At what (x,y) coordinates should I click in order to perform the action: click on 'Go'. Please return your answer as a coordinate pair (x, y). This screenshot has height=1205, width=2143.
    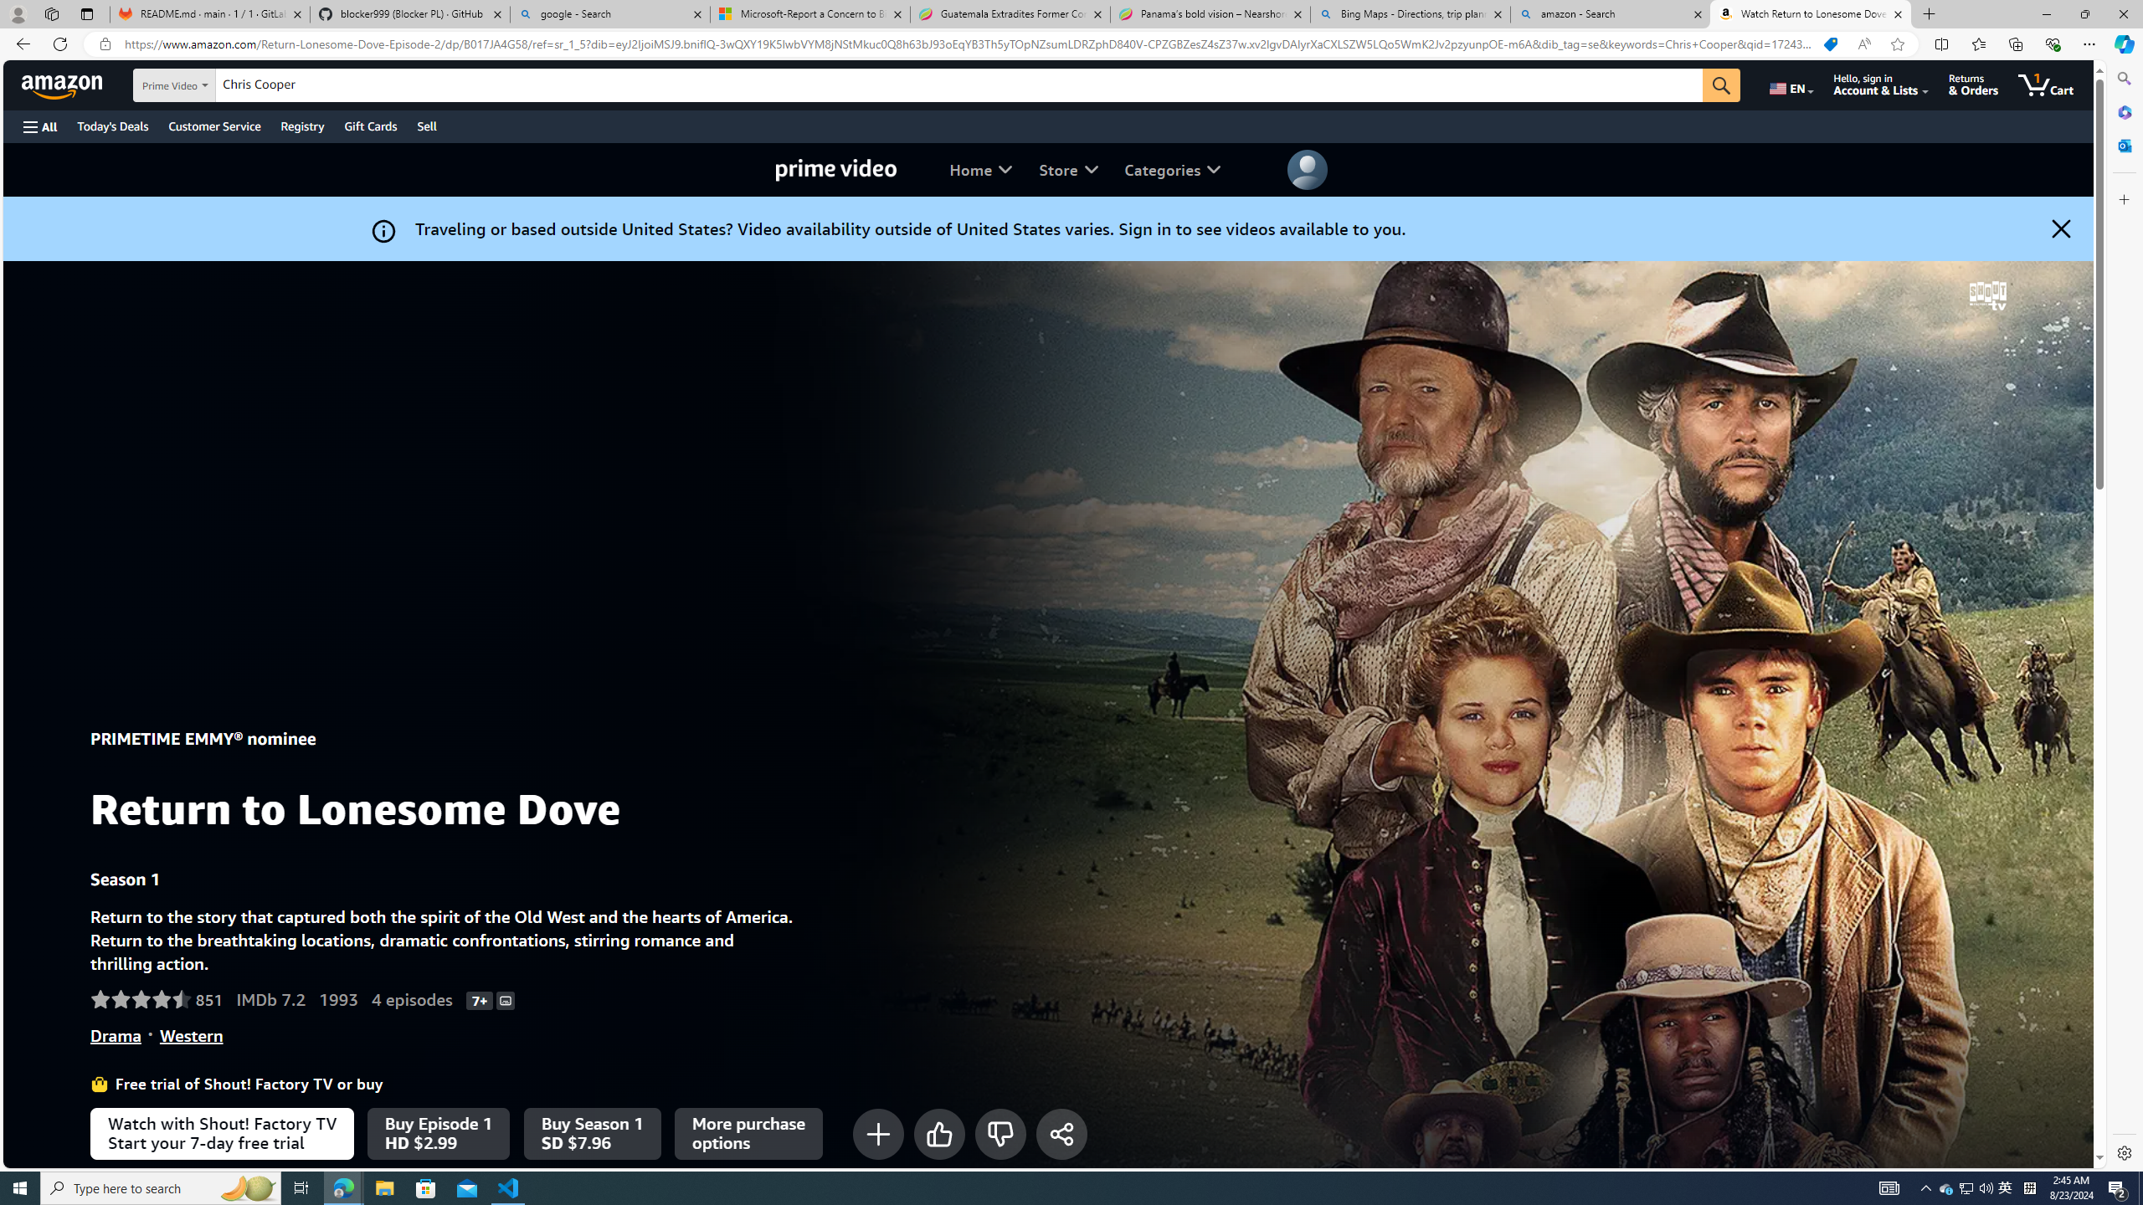
    Looking at the image, I should click on (1720, 85).